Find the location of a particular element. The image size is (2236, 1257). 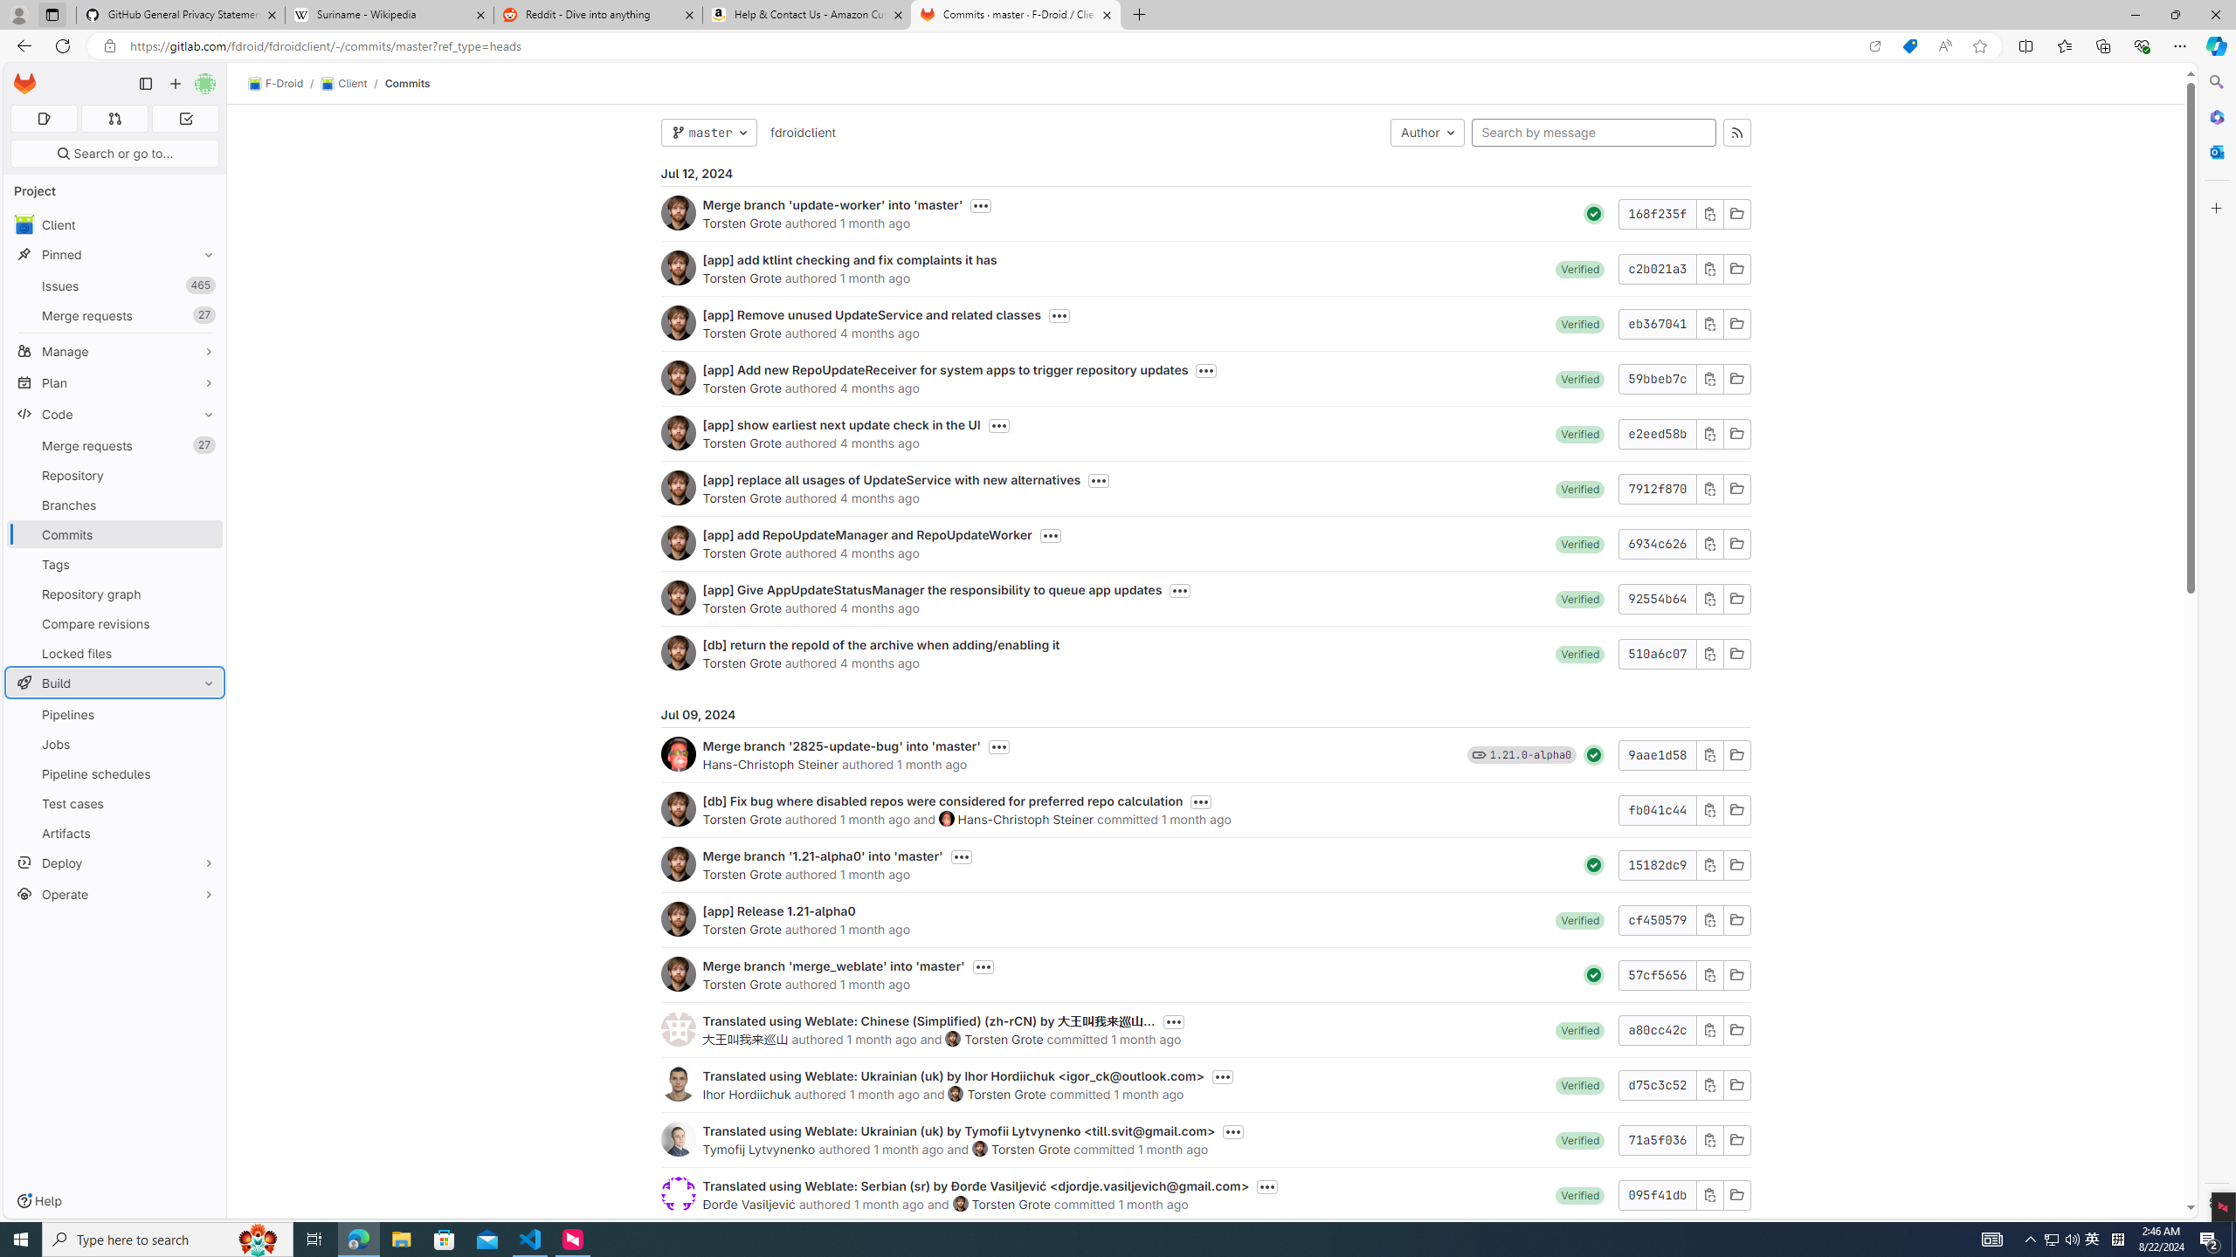

'Pin Repository' is located at coordinates (204, 474).